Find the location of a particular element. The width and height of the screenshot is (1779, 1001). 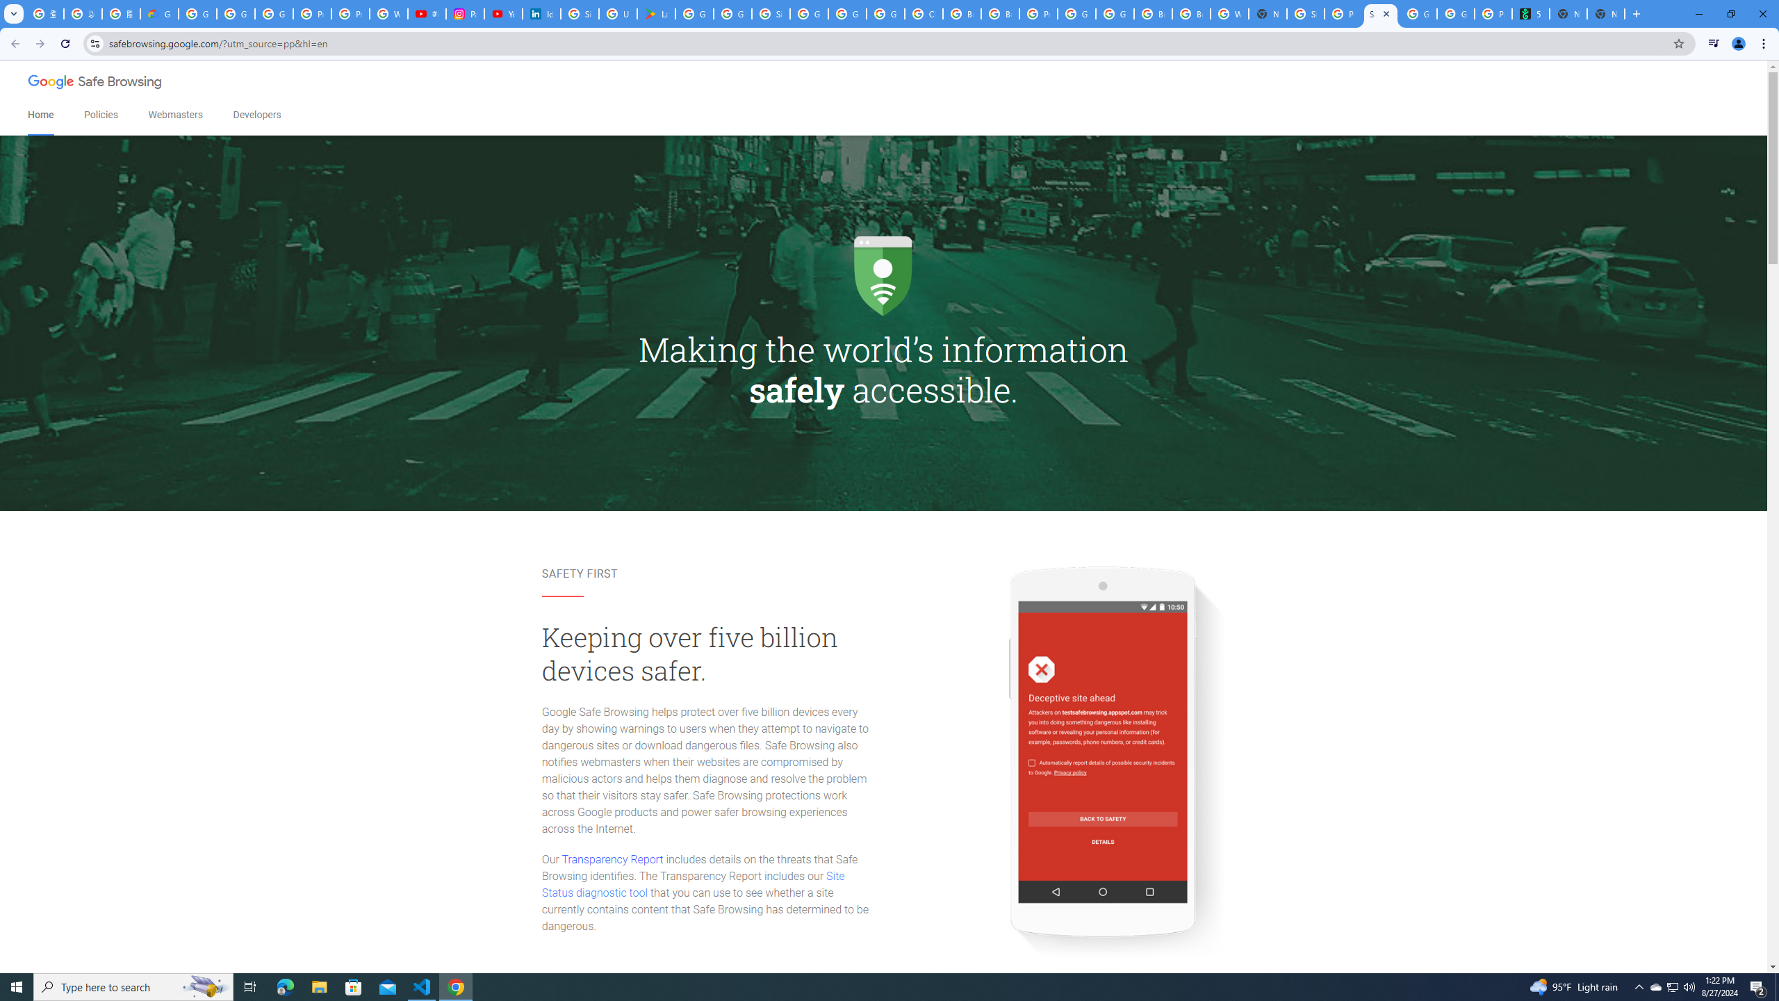

'New Tab' is located at coordinates (1606, 13).